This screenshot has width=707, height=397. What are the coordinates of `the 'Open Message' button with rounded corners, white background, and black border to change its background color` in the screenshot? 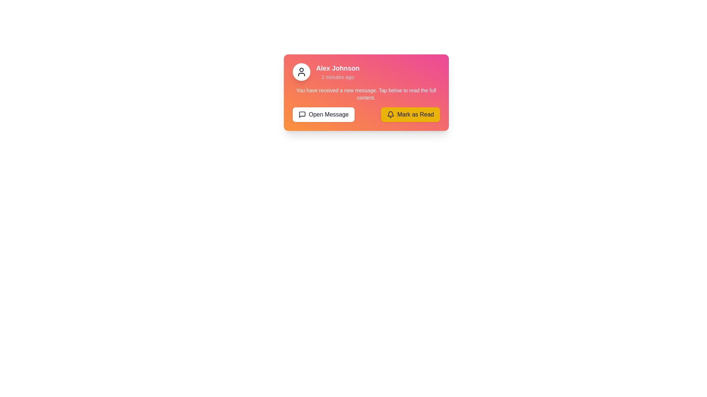 It's located at (323, 115).